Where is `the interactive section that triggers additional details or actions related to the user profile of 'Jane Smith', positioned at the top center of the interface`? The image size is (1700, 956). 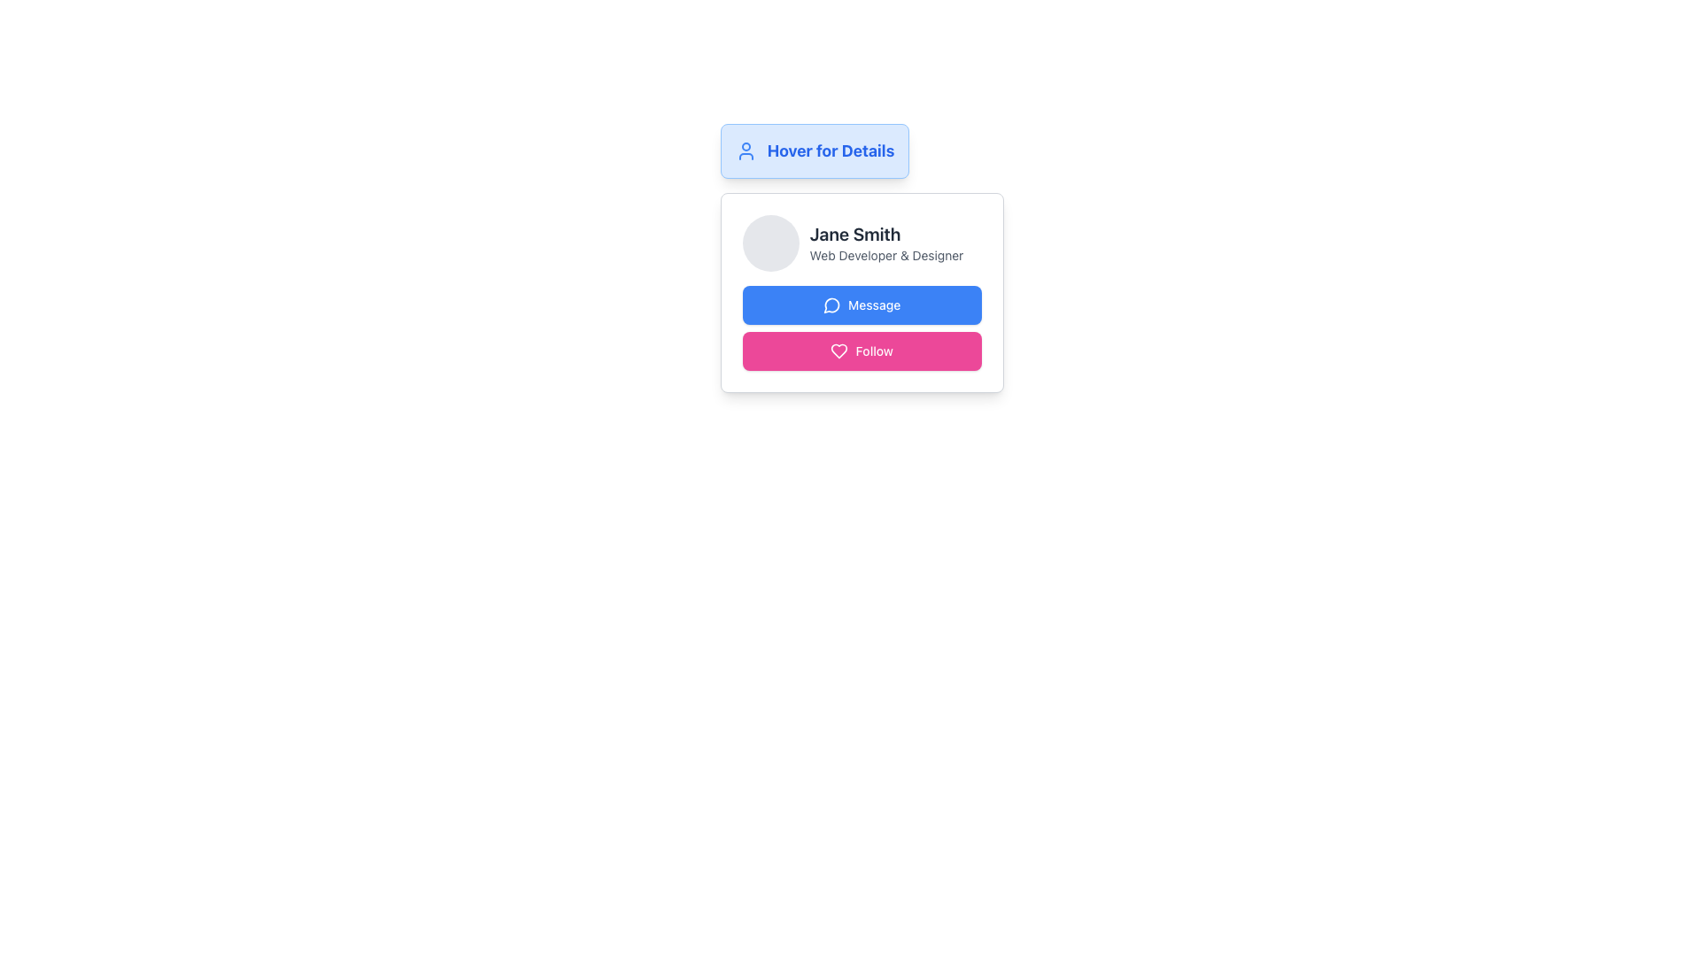
the interactive section that triggers additional details or actions related to the user profile of 'Jane Smith', positioned at the top center of the interface is located at coordinates (814, 150).